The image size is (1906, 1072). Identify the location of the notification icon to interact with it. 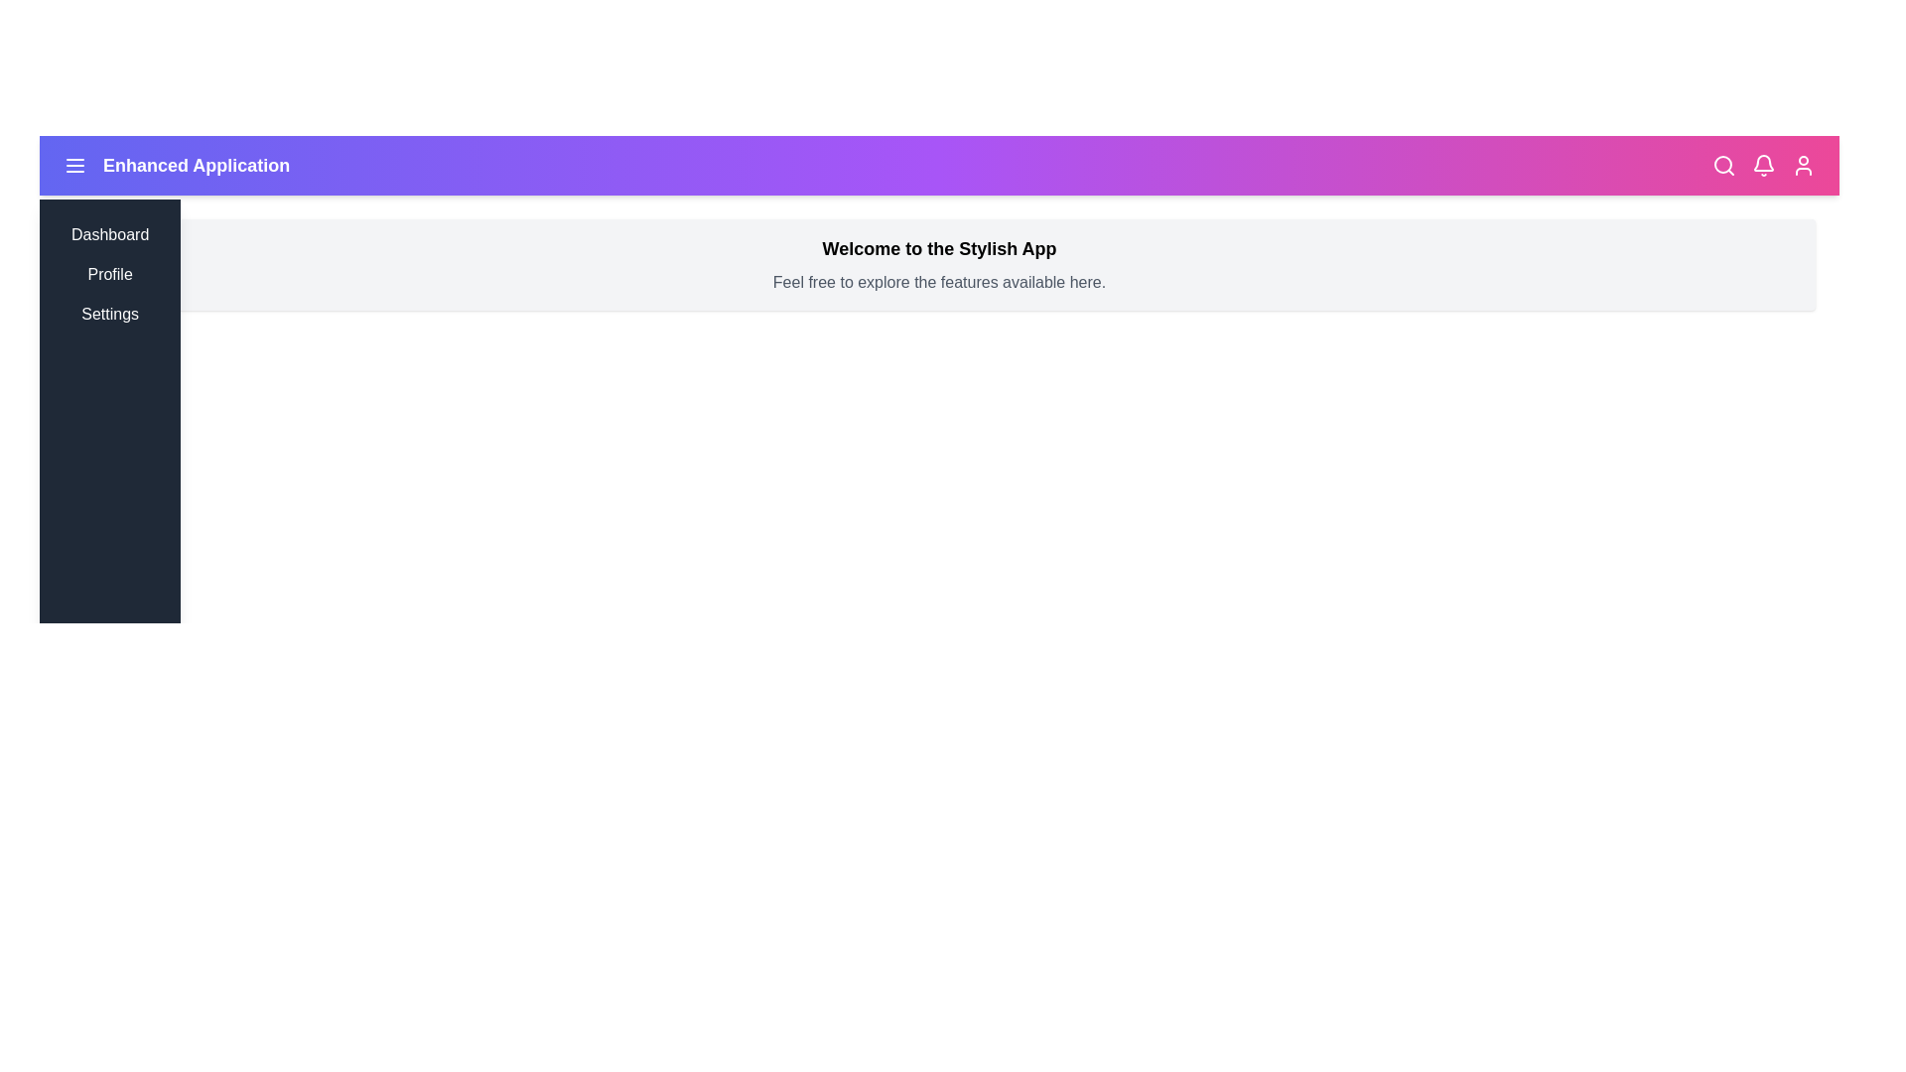
(1763, 164).